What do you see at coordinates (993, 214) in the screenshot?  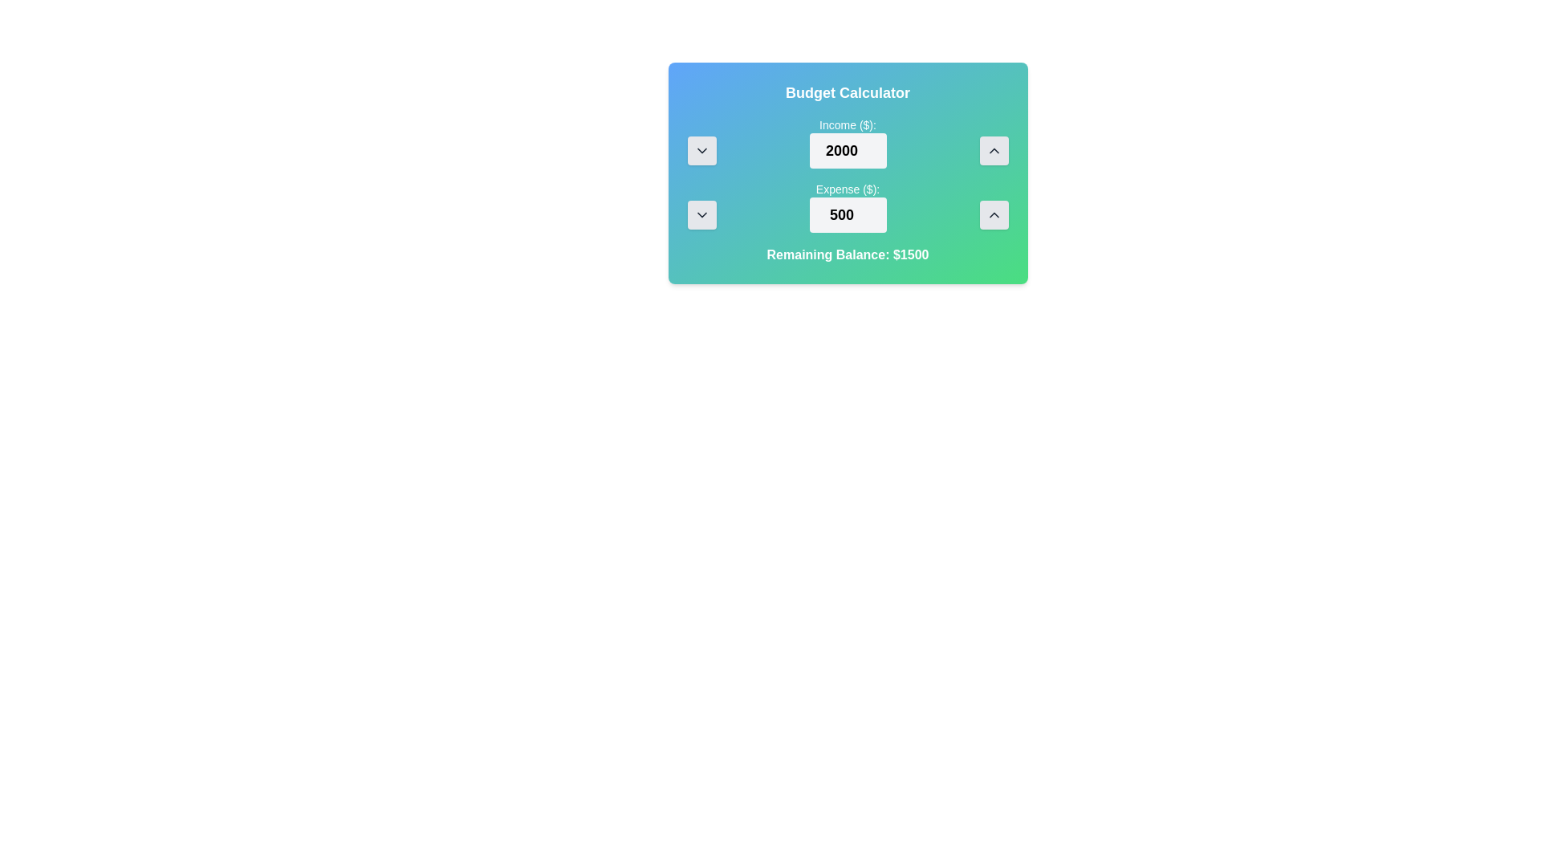 I see `the upward triangular icon within the button located at the right side of the 'Expense ($)' field in the 'Budget Calculator' interface` at bounding box center [993, 214].